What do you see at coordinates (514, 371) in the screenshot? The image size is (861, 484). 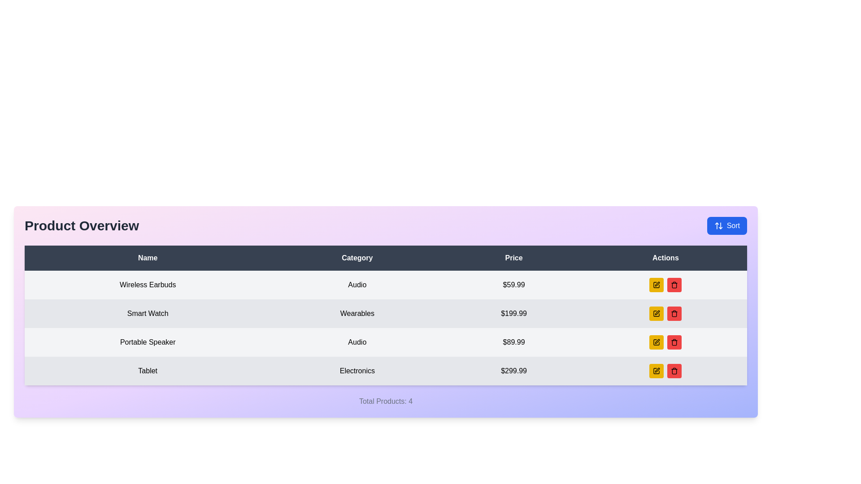 I see `the static text element displaying the price of the tablet, which is located in the fourth row under the 'Price' column of the table` at bounding box center [514, 371].